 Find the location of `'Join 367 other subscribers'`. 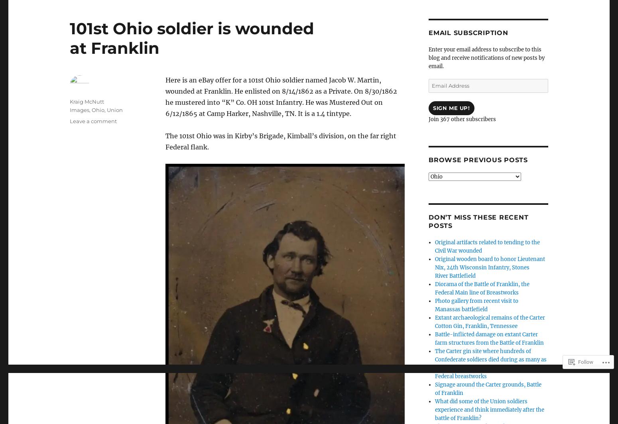

'Join 367 other subscribers' is located at coordinates (428, 119).